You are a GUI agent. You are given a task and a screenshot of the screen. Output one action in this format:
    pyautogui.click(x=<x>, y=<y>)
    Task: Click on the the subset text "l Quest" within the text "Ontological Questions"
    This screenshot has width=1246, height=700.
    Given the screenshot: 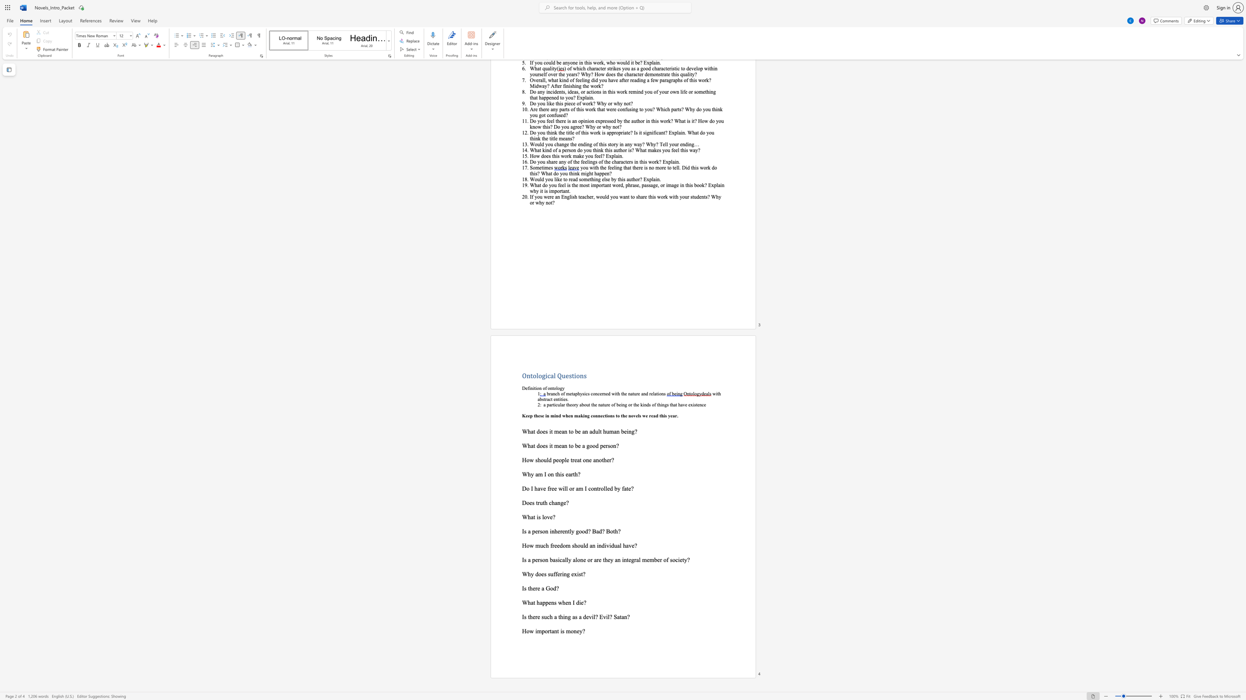 What is the action you would take?
    pyautogui.click(x=553, y=375)
    